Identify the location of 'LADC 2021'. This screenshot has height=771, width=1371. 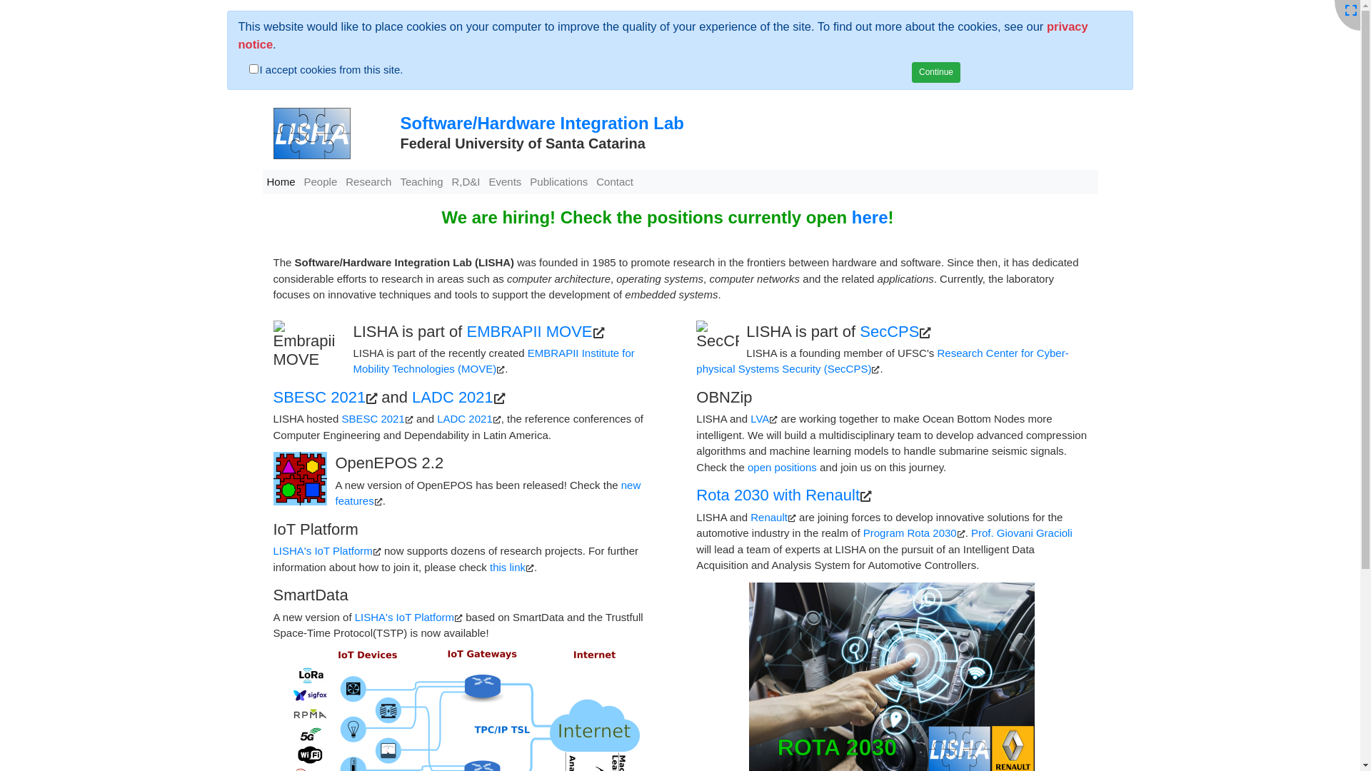
(465, 418).